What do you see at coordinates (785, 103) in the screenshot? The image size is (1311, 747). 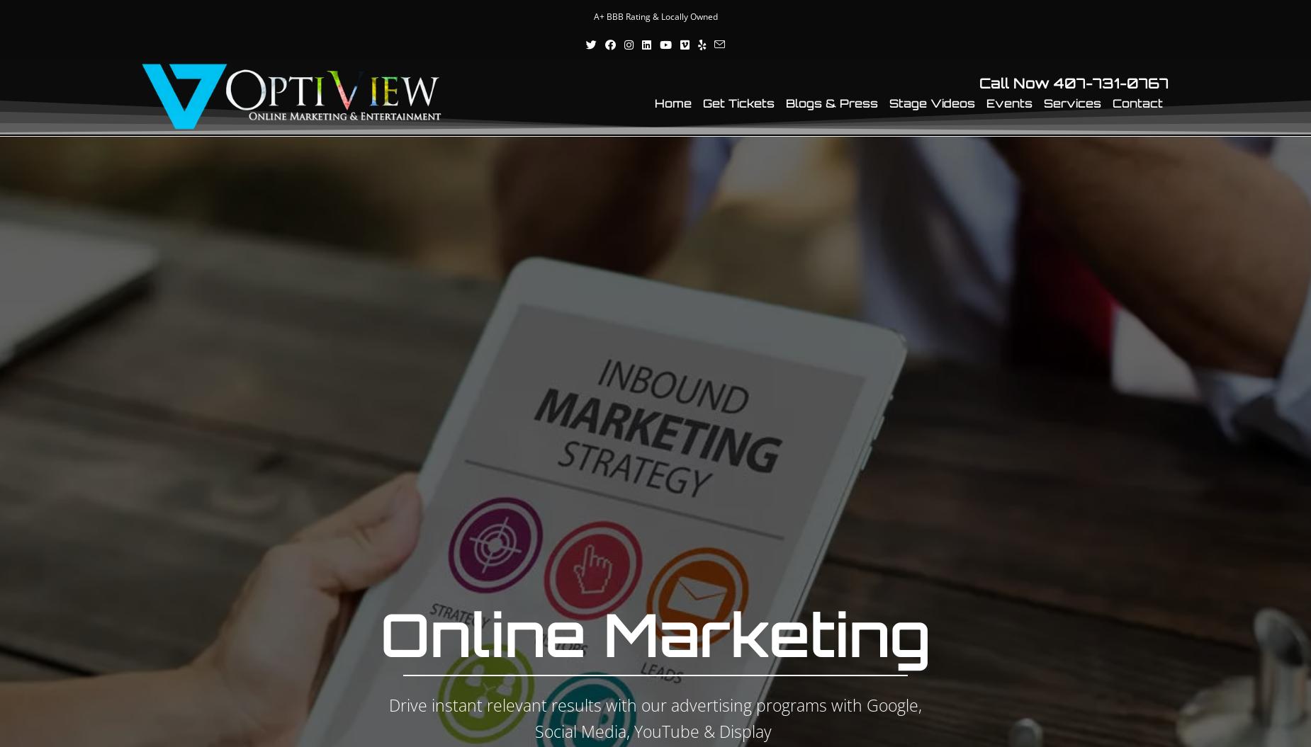 I see `'Blogs & Press'` at bounding box center [785, 103].